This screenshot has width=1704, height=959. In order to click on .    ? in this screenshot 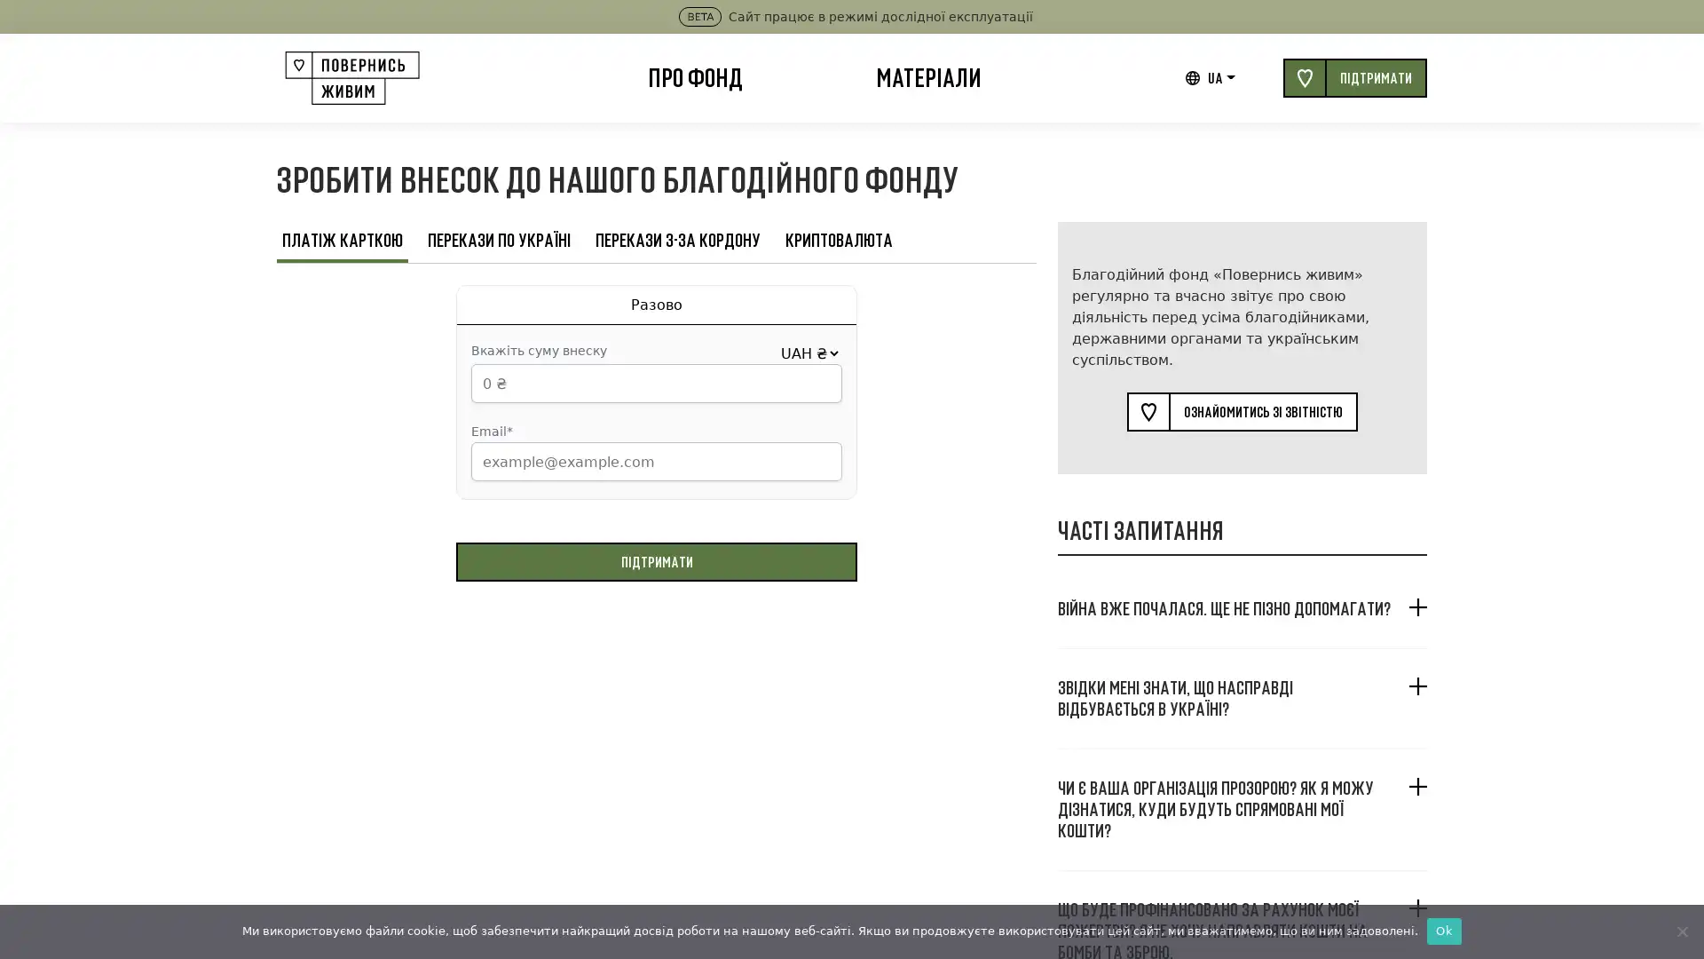, I will do `click(1242, 607)`.